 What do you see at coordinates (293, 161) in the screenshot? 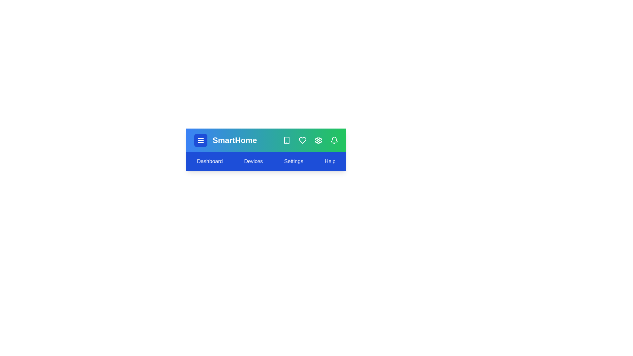
I see `the 'Settings' menu item in the navigation bar` at bounding box center [293, 161].